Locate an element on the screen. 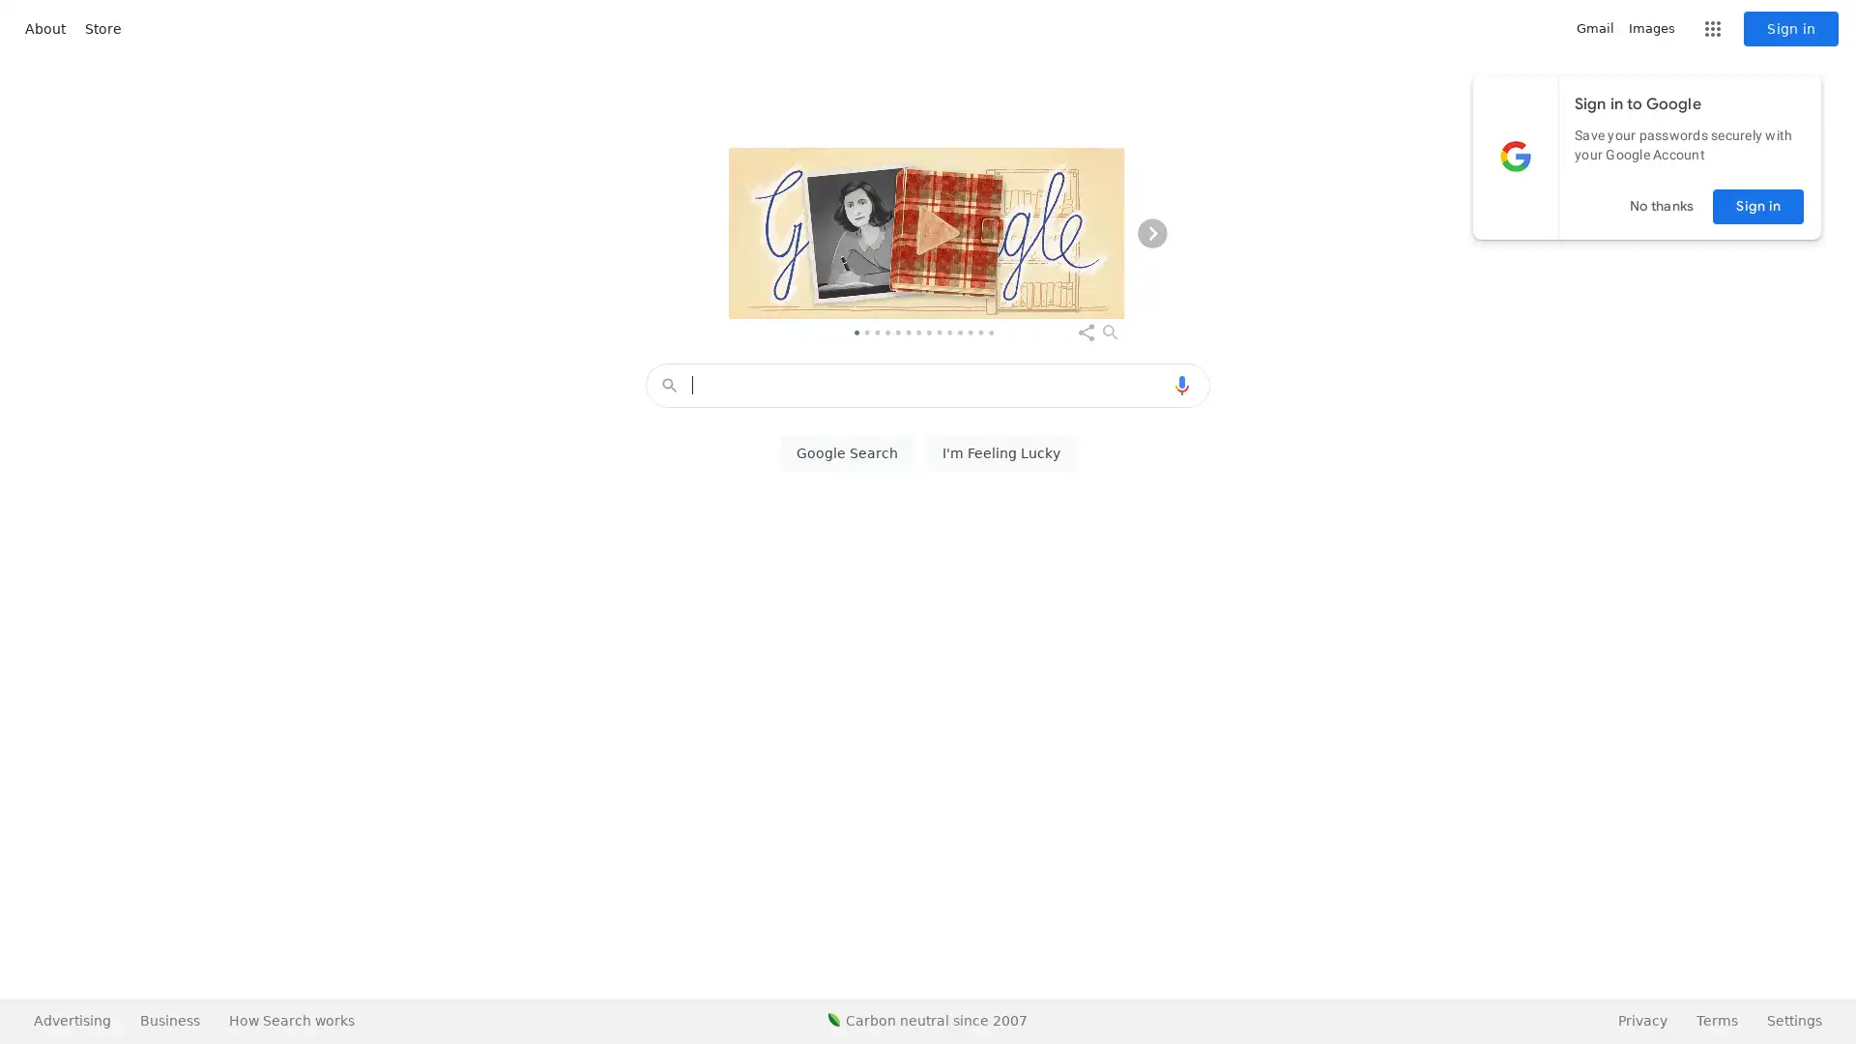 The height and width of the screenshot is (1044, 1856). Search by voice is located at coordinates (1181, 385).